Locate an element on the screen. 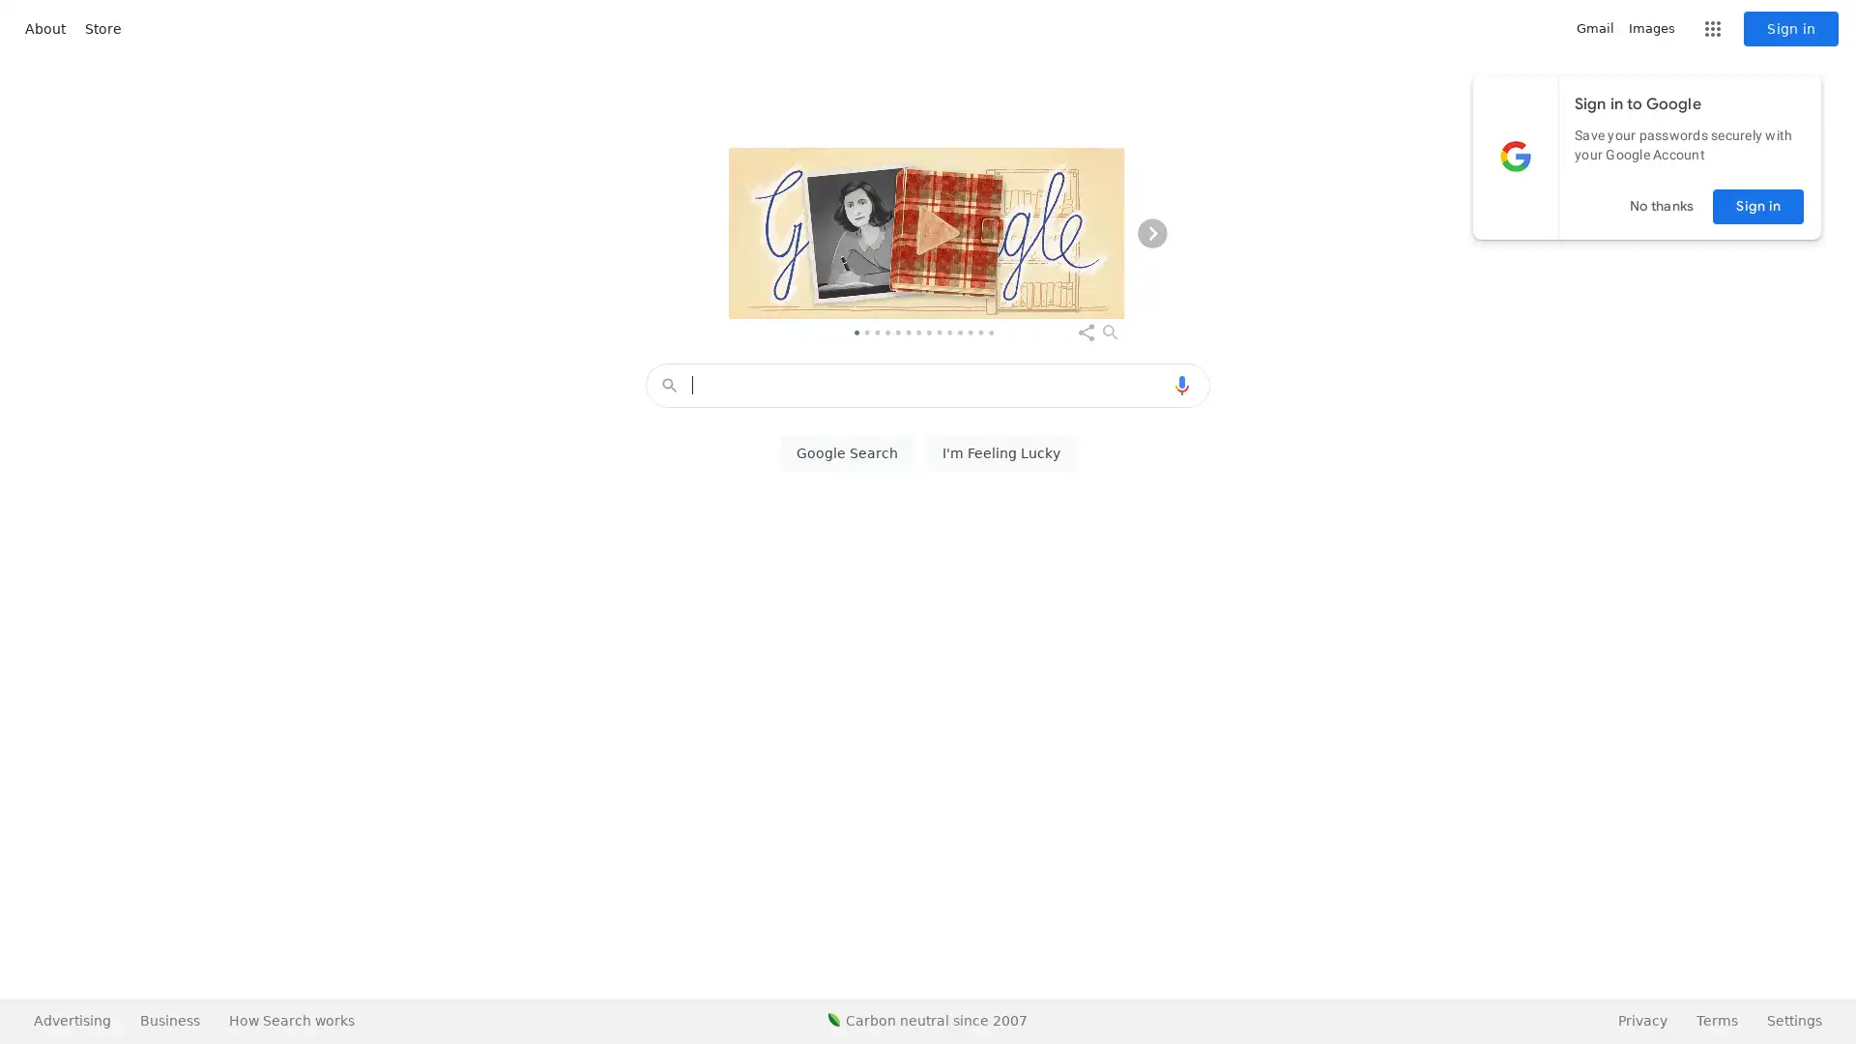 The height and width of the screenshot is (1044, 1856). Search by voice is located at coordinates (1181, 385).